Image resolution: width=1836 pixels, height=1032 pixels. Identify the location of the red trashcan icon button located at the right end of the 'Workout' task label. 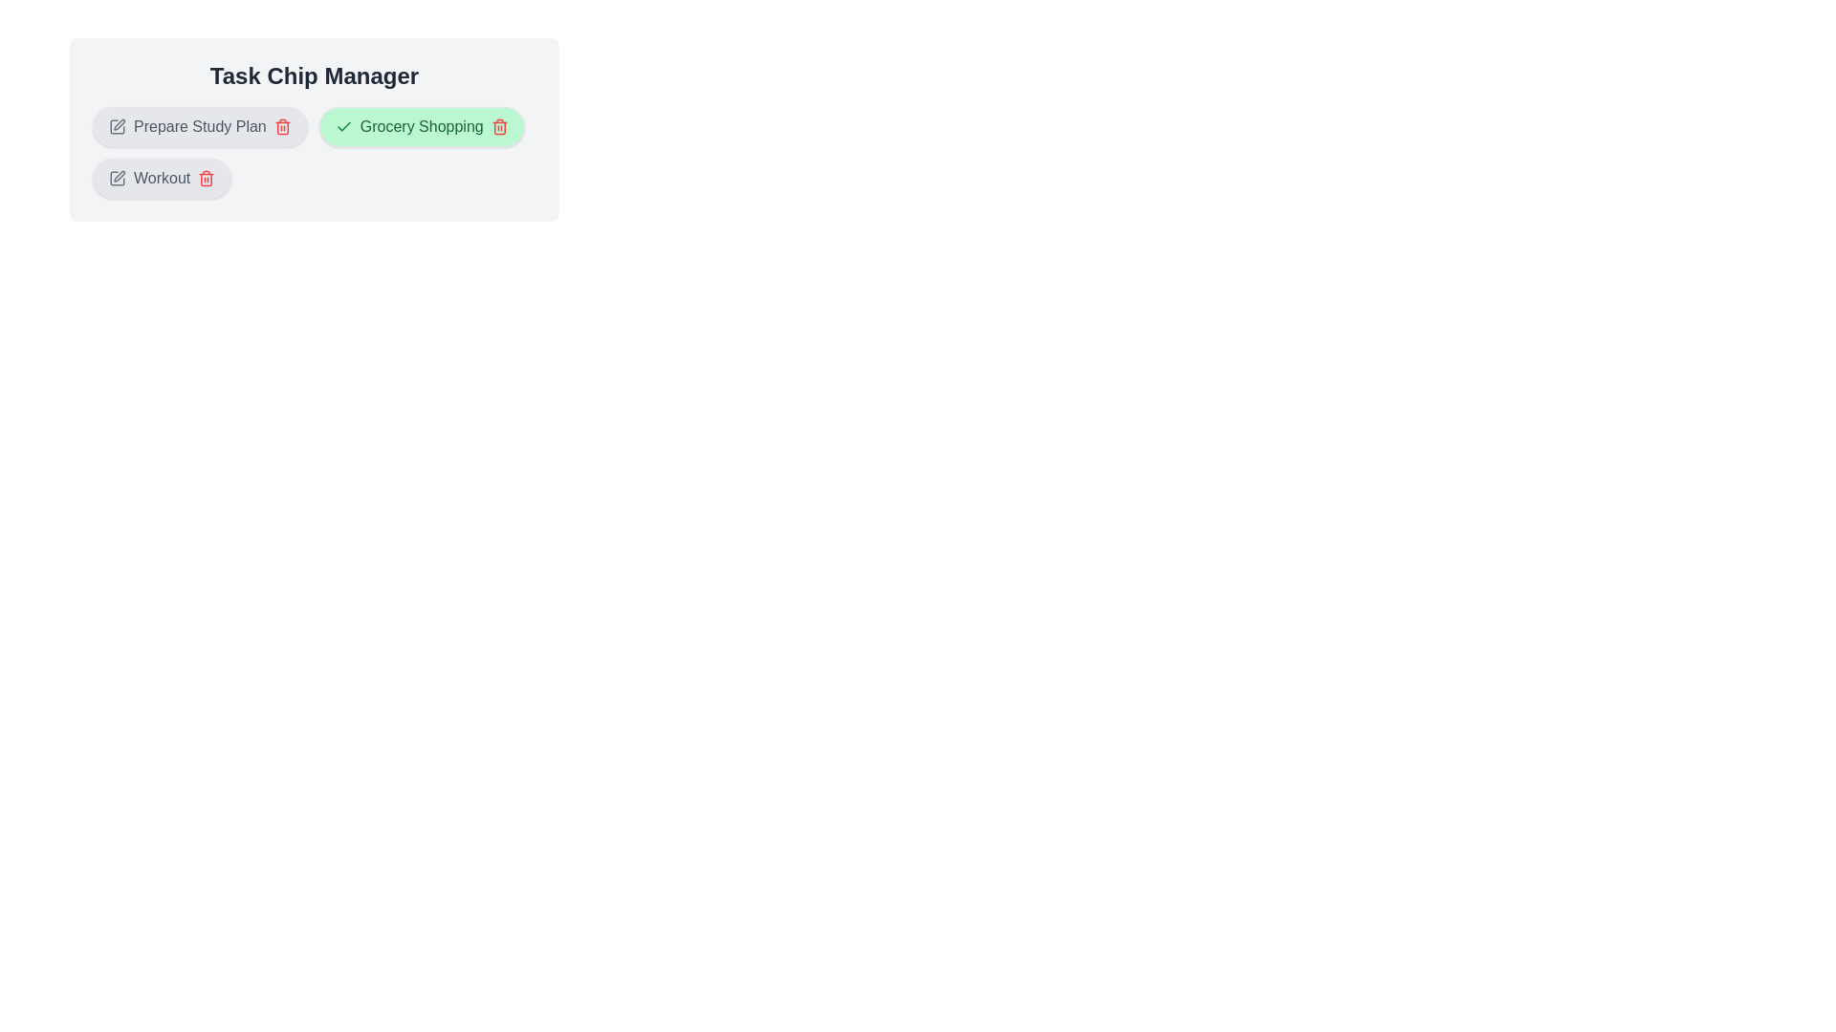
(207, 178).